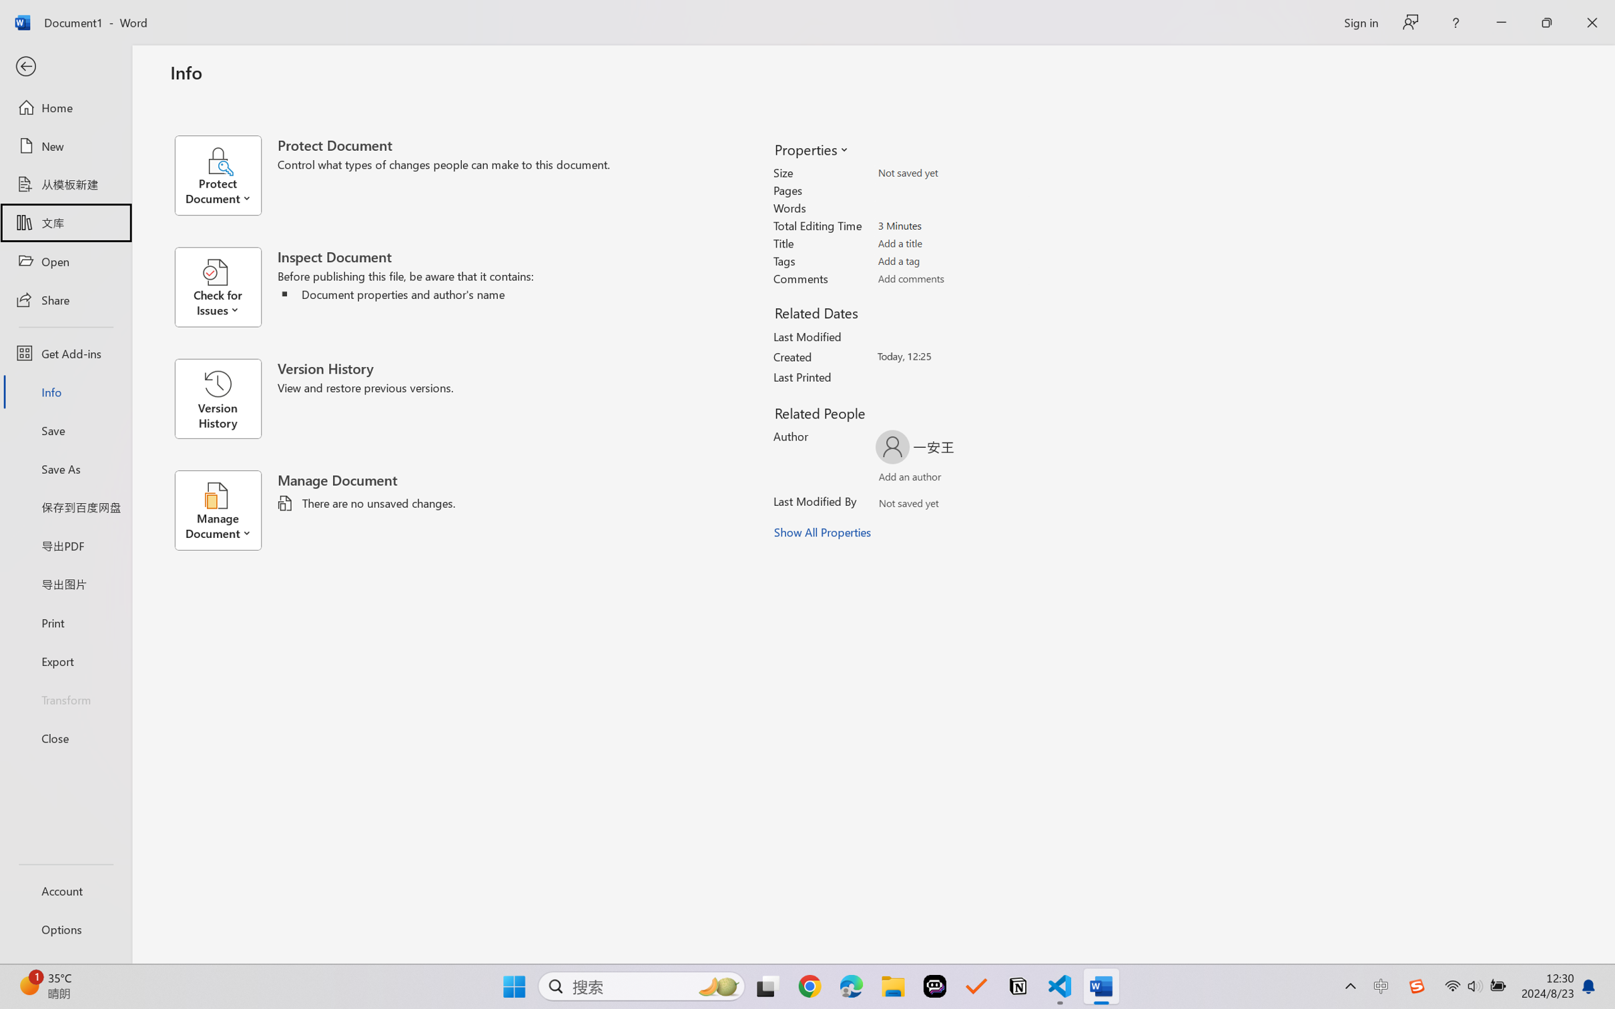 Image resolution: width=1615 pixels, height=1009 pixels. What do you see at coordinates (225, 286) in the screenshot?
I see `'Check for Issues'` at bounding box center [225, 286].